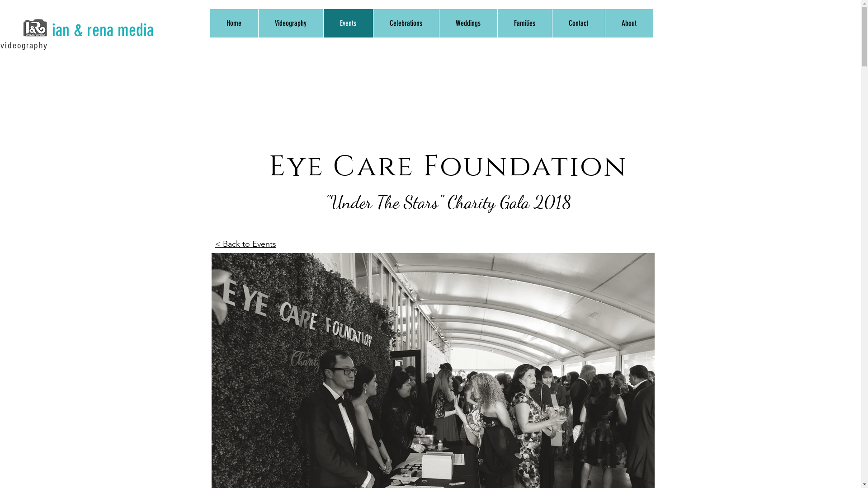 This screenshot has height=488, width=868. Describe the element at coordinates (577, 23) in the screenshot. I see `'Contact'` at that location.